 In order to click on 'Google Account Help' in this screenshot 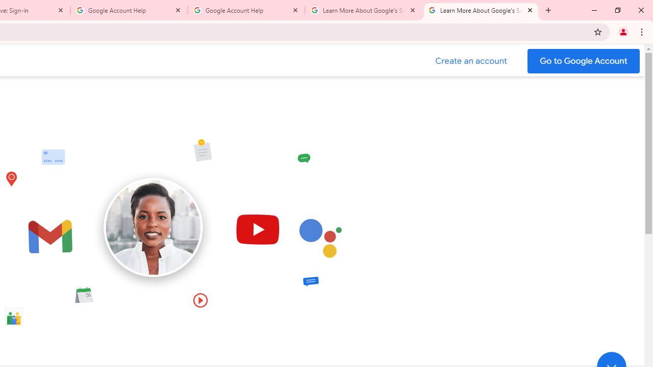, I will do `click(129, 10)`.